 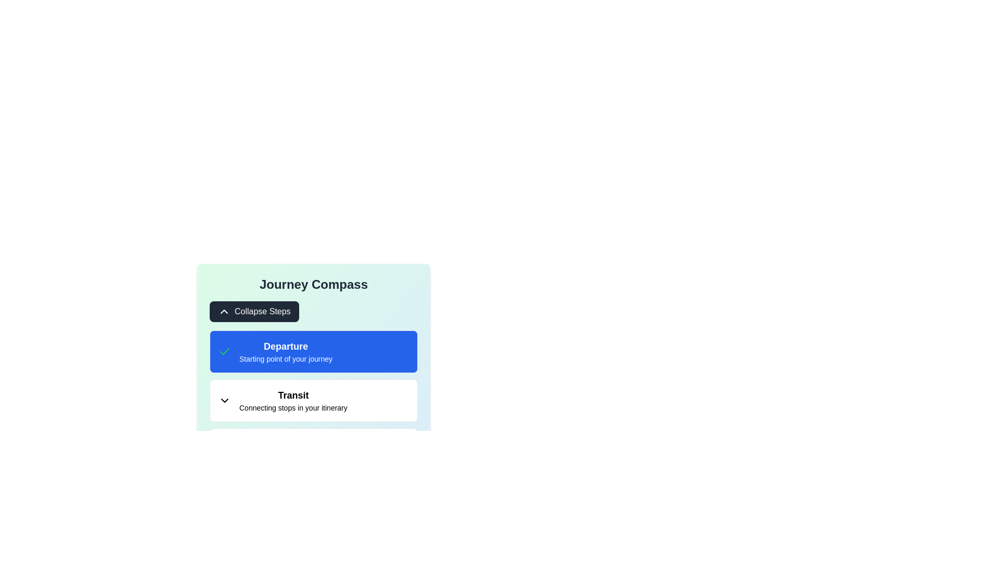 I want to click on the text label displaying 'Starting point of your journey' which is styled in a small font and located below the 'Departure' title in the 'Journey Compass' card, so click(x=286, y=359).